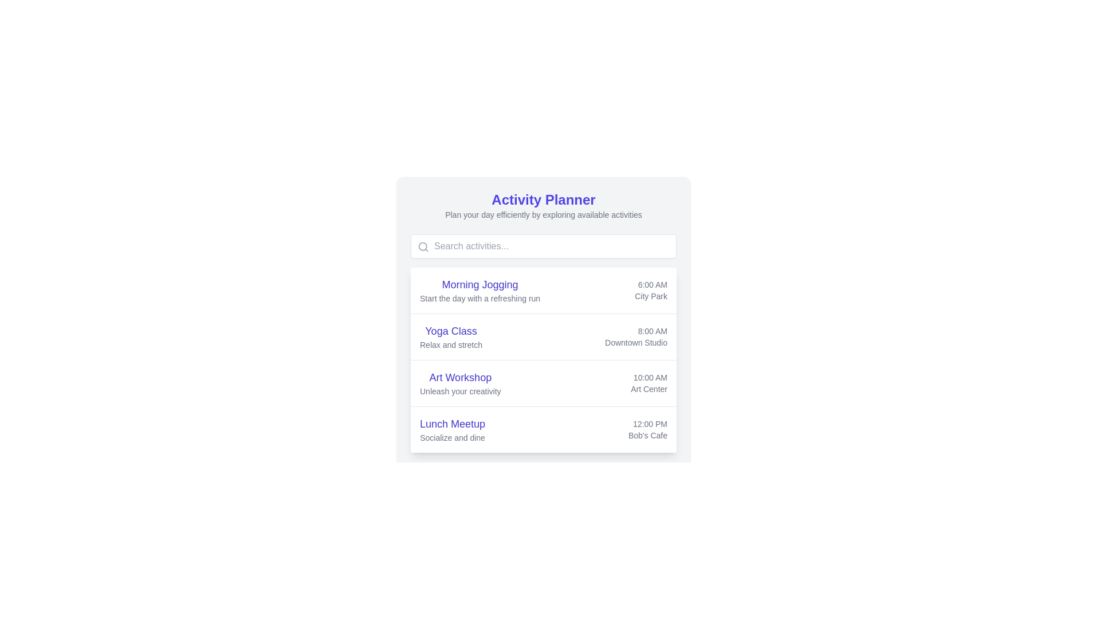  Describe the element at coordinates (648, 435) in the screenshot. I see `the Text Label displaying 'Bob's Cafe', which is styled in a medium-sized gray font and located at the bottom right of the activities list` at that location.